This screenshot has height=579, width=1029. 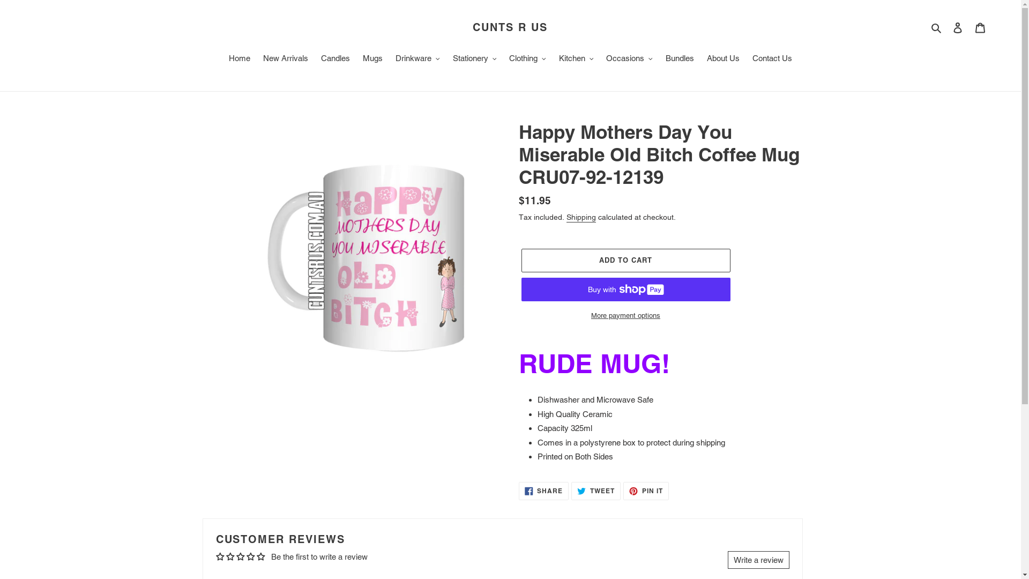 What do you see at coordinates (372, 60) in the screenshot?
I see `'Mugs'` at bounding box center [372, 60].